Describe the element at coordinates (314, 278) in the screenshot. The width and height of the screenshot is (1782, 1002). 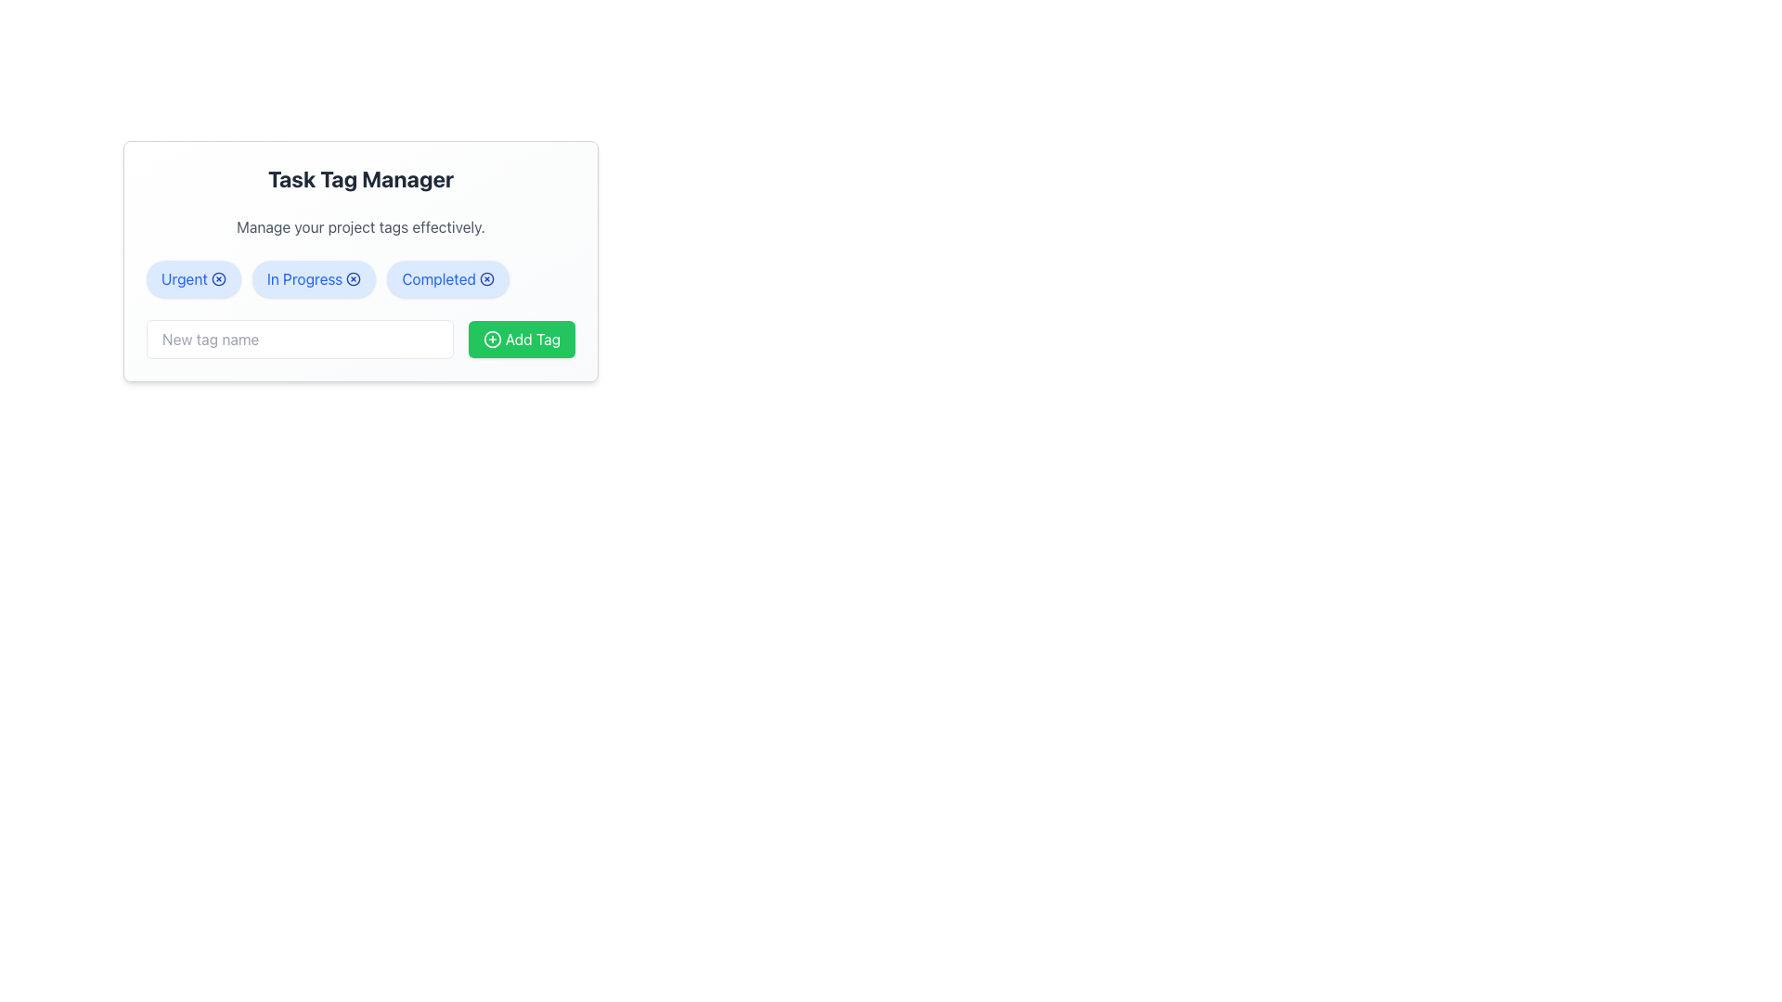
I see `the 'In Progress' Status Tag, which is the second tag in a horizontal row of three tags labeled 'Urgent', 'In Progress', and 'Completed'` at that location.